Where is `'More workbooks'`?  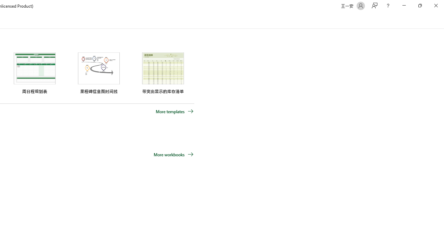
'More workbooks' is located at coordinates (174, 154).